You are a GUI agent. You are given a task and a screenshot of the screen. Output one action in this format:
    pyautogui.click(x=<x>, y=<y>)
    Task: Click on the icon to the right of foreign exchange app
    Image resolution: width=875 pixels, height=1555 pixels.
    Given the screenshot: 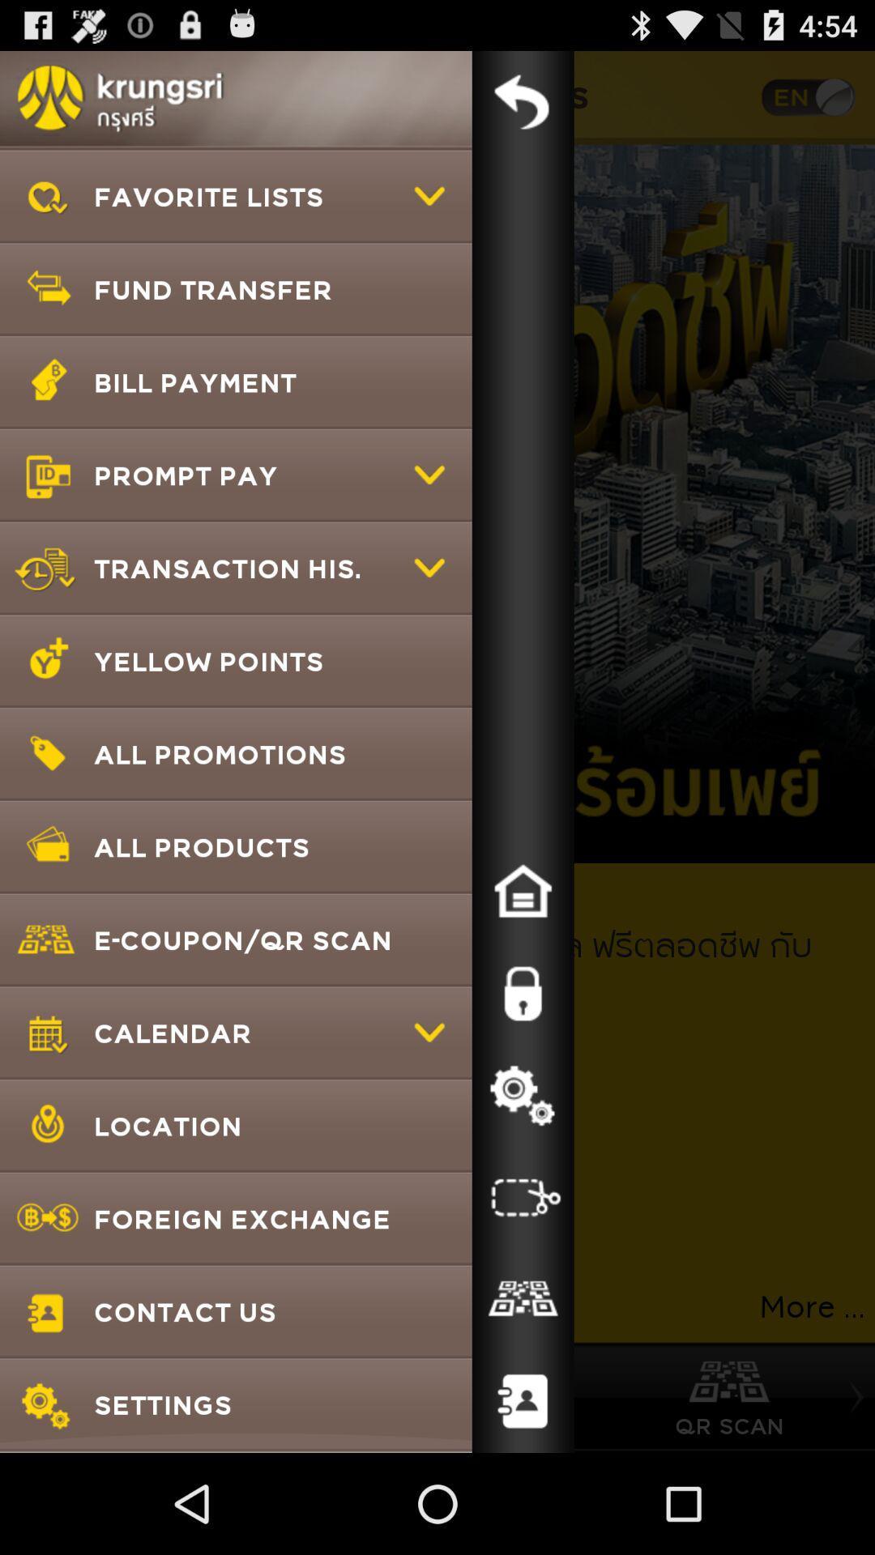 What is the action you would take?
    pyautogui.click(x=523, y=1299)
    